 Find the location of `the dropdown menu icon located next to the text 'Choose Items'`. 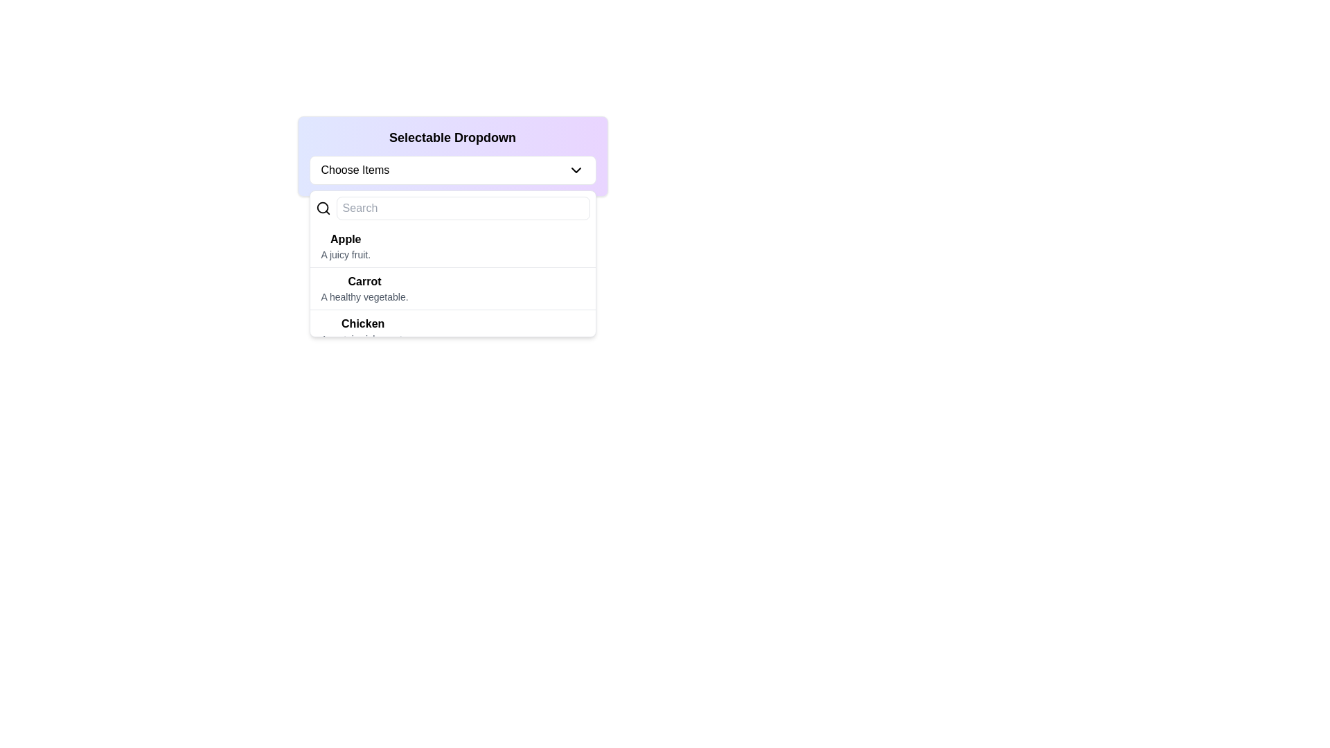

the dropdown menu icon located next to the text 'Choose Items' is located at coordinates (576, 170).